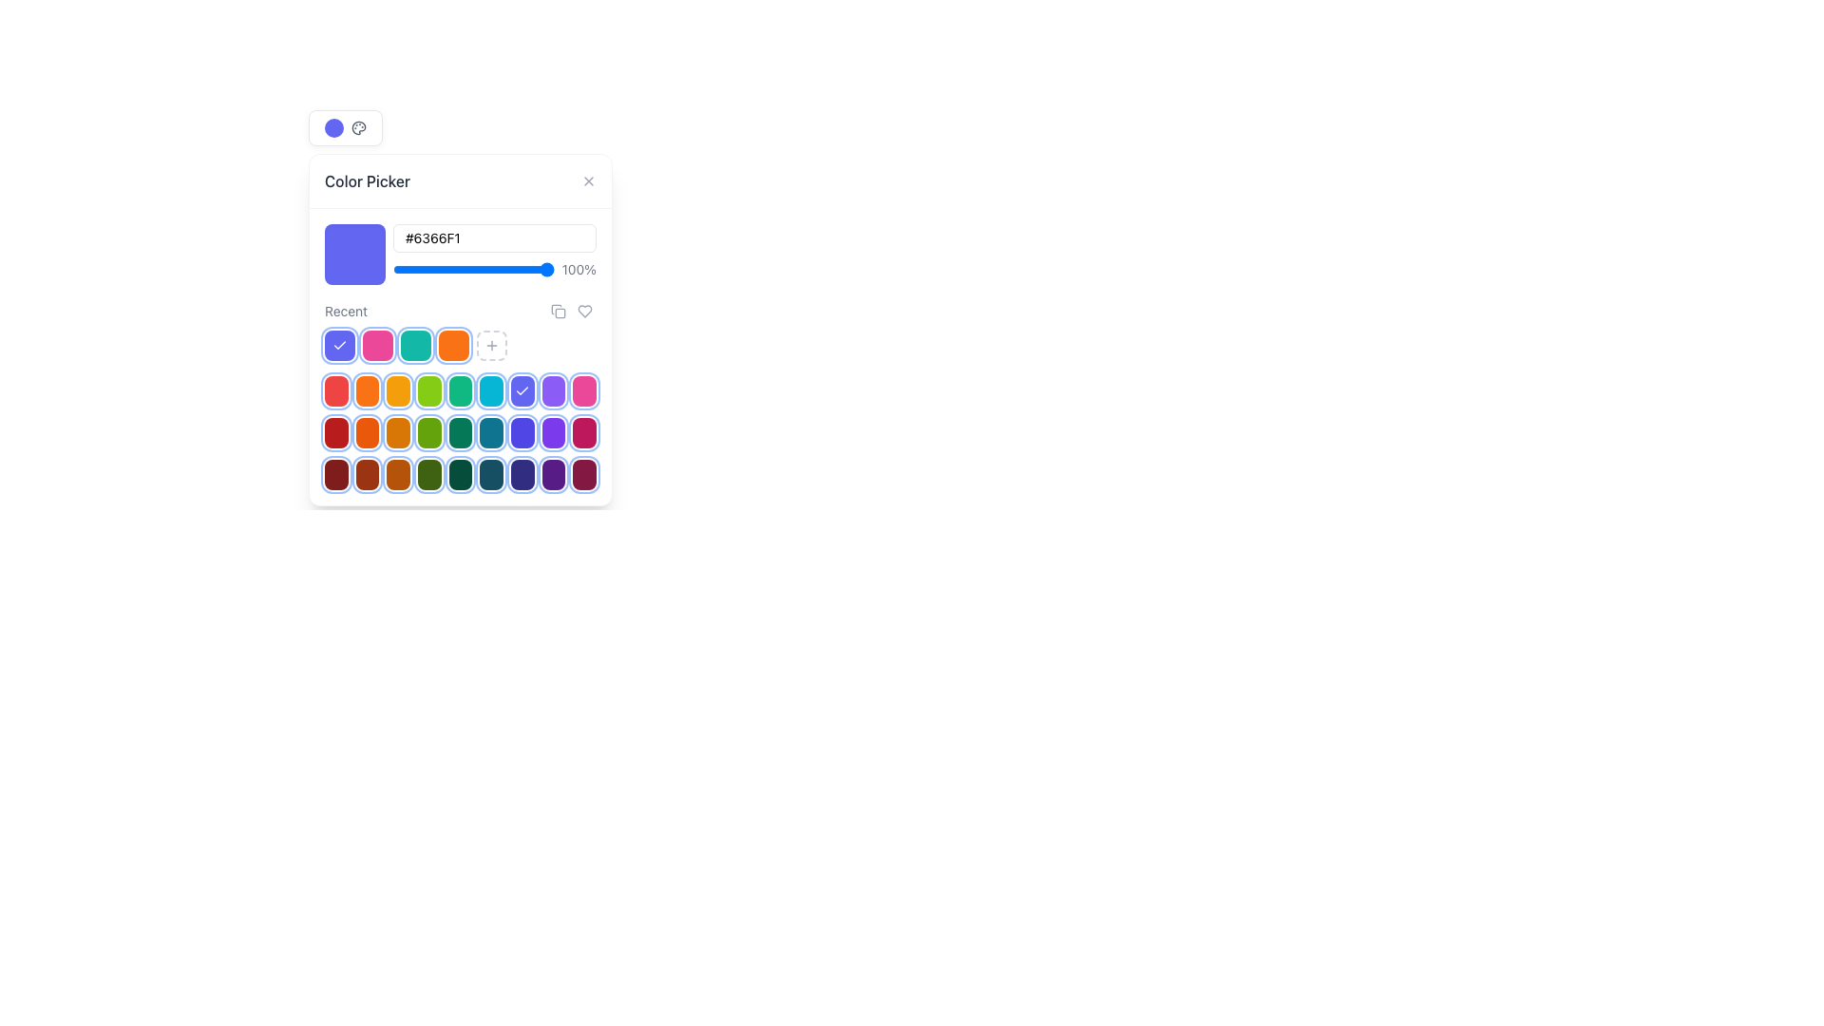 The image size is (1824, 1026). What do you see at coordinates (397, 474) in the screenshot?
I see `the third color selection button in the 'Color Picker' panel to observe the hover effect` at bounding box center [397, 474].